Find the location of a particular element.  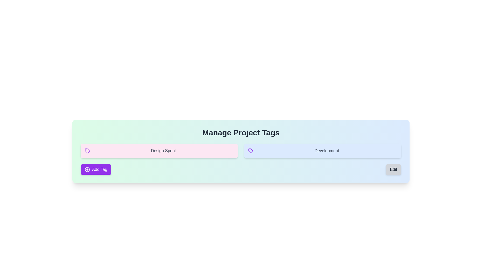

the clickable panel labeled 'Design Sprint' with a soft pink background and a purple tag icon is located at coordinates (159, 151).